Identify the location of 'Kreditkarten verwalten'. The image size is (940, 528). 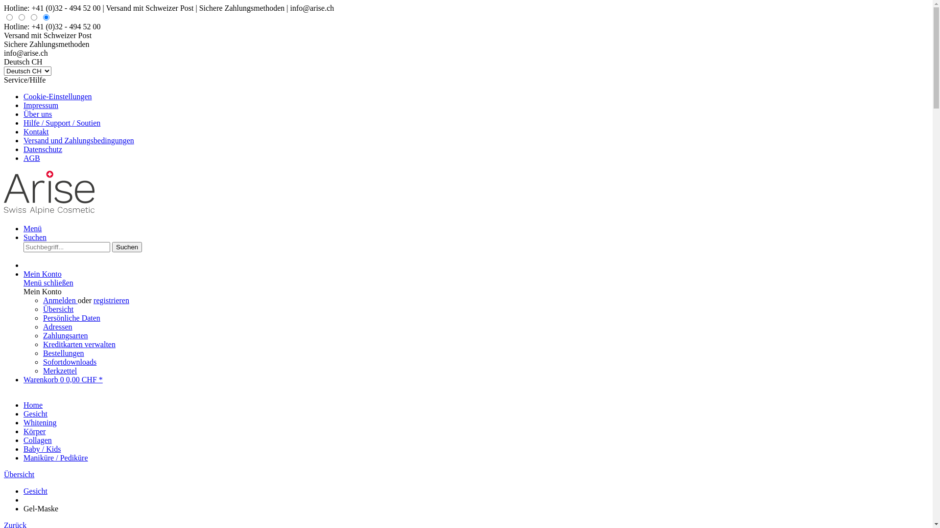
(79, 344).